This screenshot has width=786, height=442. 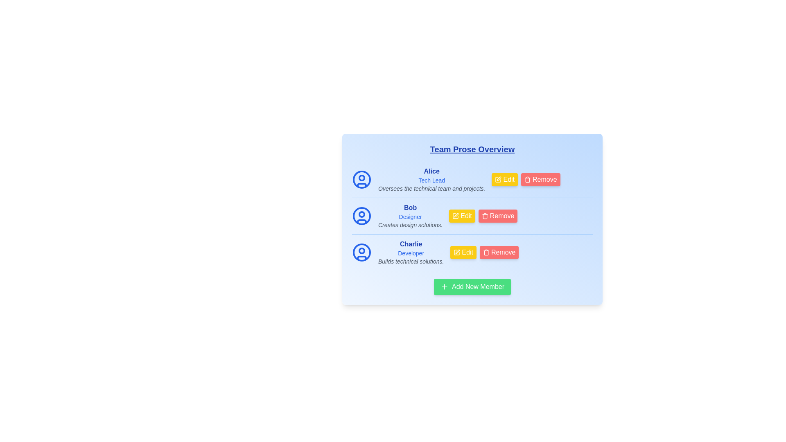 I want to click on the 'Edit' button containing the yellow pen icon next to the 'Bob' entry in the user list table, so click(x=455, y=216).